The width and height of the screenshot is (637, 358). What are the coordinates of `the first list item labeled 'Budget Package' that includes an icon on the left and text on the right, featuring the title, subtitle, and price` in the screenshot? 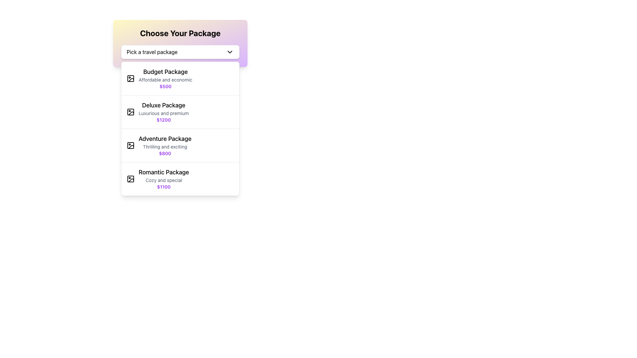 It's located at (180, 78).